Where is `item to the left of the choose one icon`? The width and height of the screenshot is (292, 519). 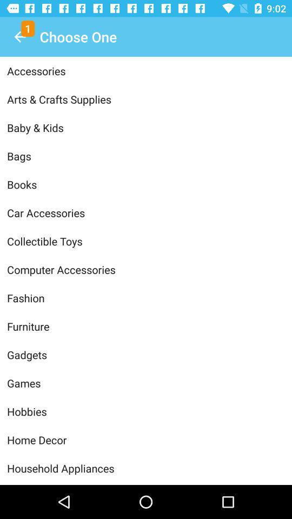 item to the left of the choose one icon is located at coordinates (19, 37).